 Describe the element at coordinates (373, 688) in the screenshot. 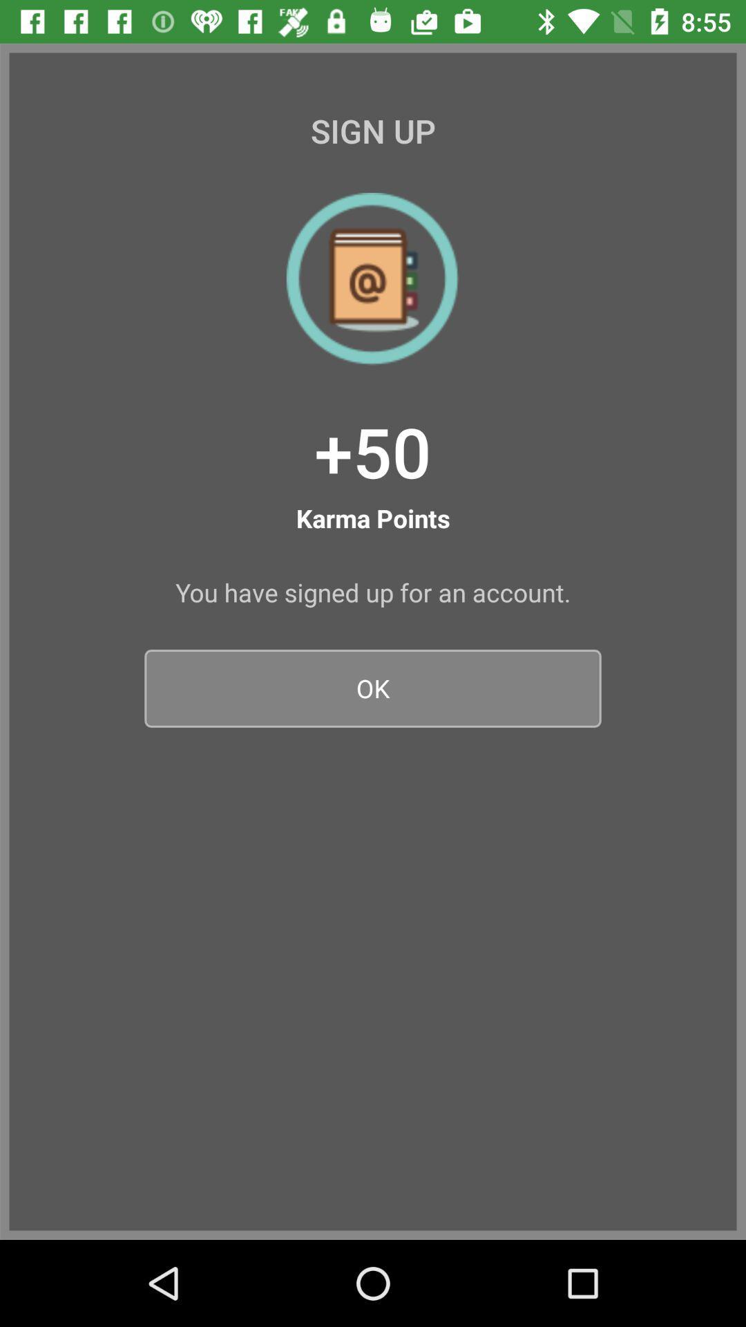

I see `ok icon` at that location.